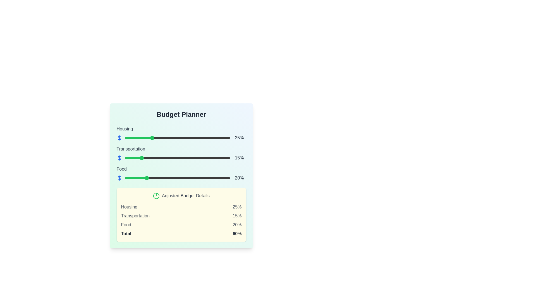  Describe the element at coordinates (184, 158) in the screenshot. I see `transportation budget percentage` at that location.